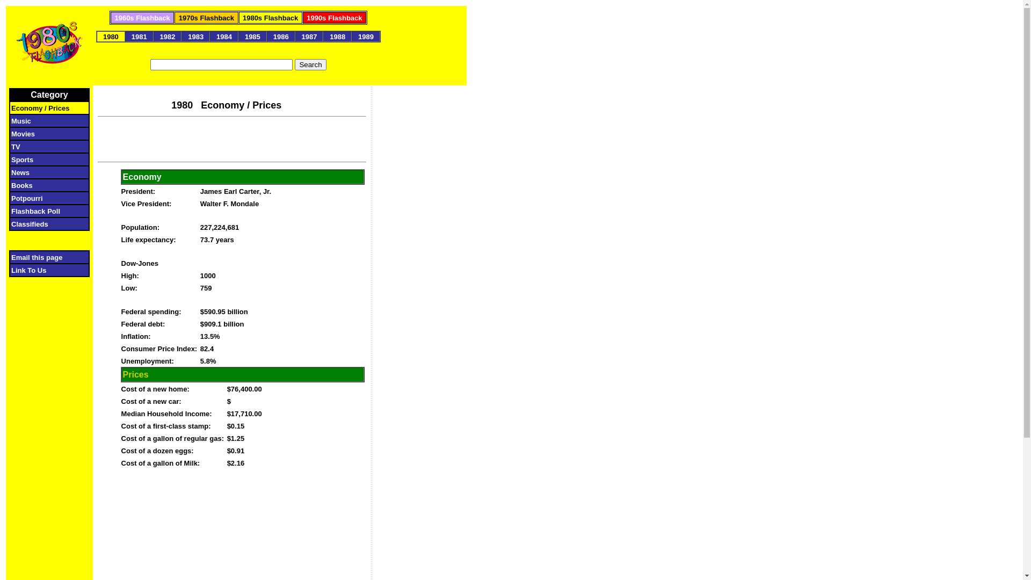  What do you see at coordinates (195, 35) in the screenshot?
I see `' 1983 '` at bounding box center [195, 35].